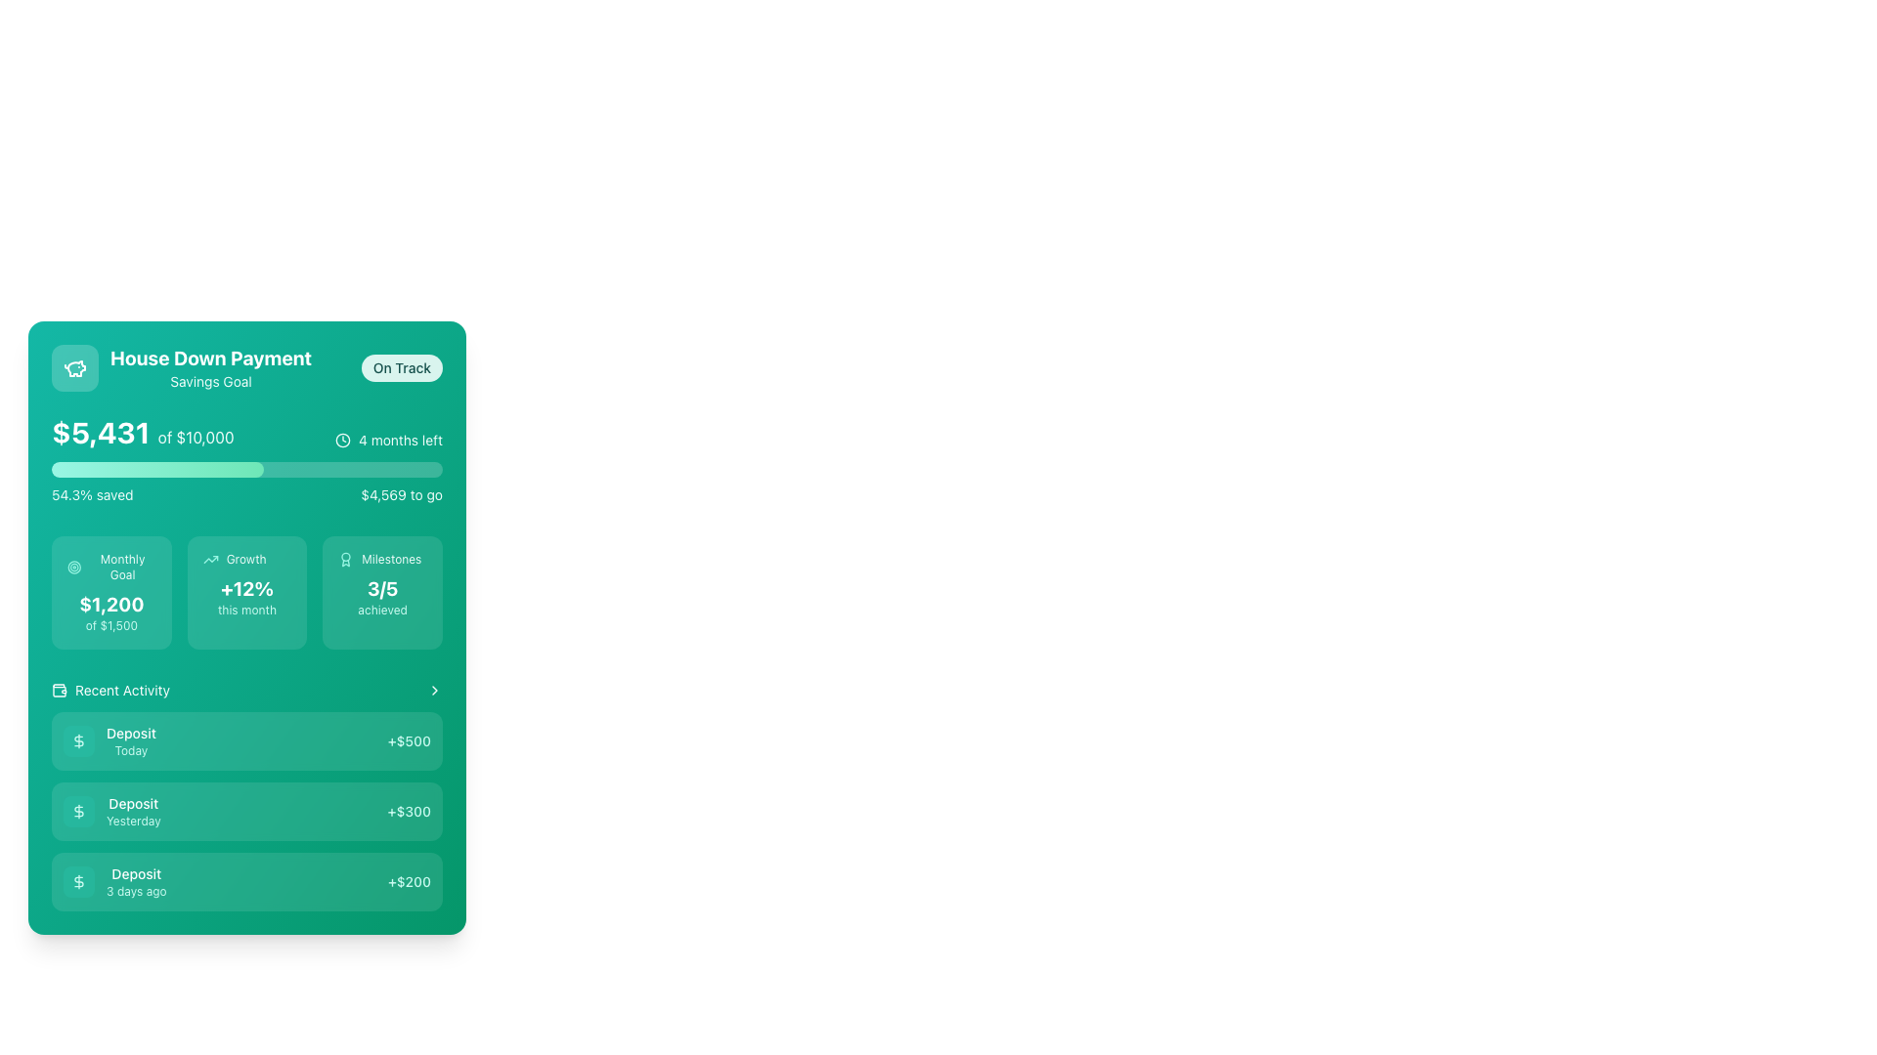 This screenshot has height=1055, width=1877. Describe the element at coordinates (400, 441) in the screenshot. I see `the text label displaying '4 months left' which is styled in a small white sans-serif font and positioned within a teal-colored interface` at that location.